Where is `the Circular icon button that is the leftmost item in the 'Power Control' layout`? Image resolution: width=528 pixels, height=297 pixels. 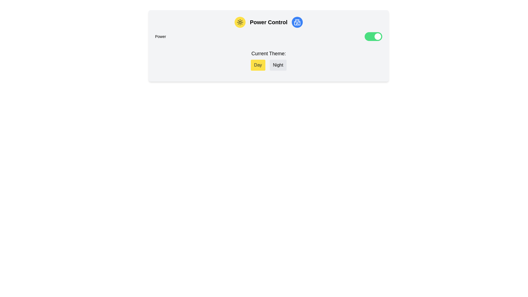
the Circular icon button that is the leftmost item in the 'Power Control' layout is located at coordinates (240, 22).